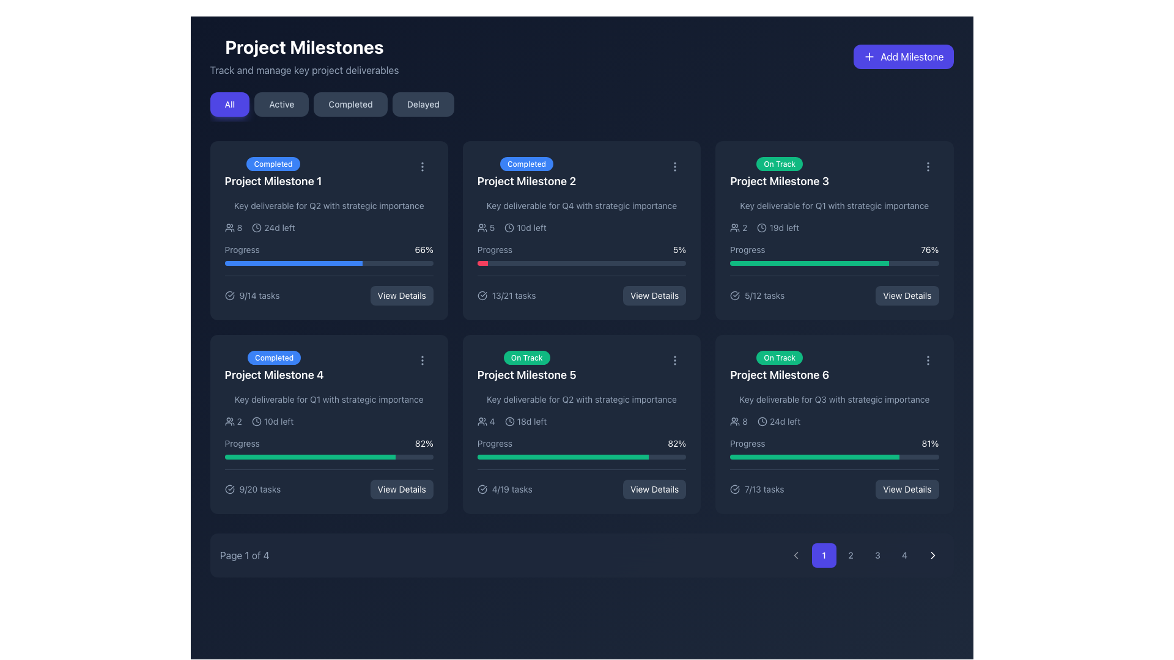 This screenshot has height=660, width=1174. I want to click on text with clock icon displaying '10d left' located within the 'Project Milestone 4' card, so click(272, 421).